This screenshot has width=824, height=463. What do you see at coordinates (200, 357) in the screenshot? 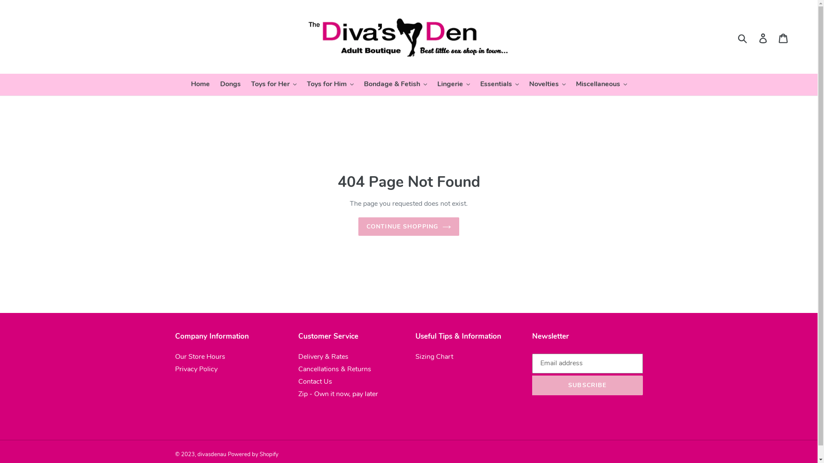
I see `'Our Store Hours'` at bounding box center [200, 357].